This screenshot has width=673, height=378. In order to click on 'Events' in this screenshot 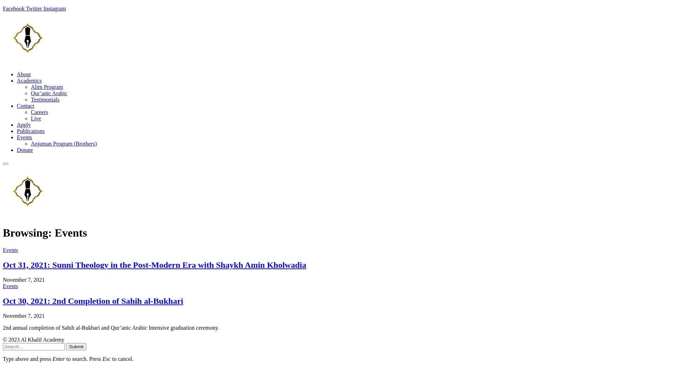, I will do `click(10, 286)`.